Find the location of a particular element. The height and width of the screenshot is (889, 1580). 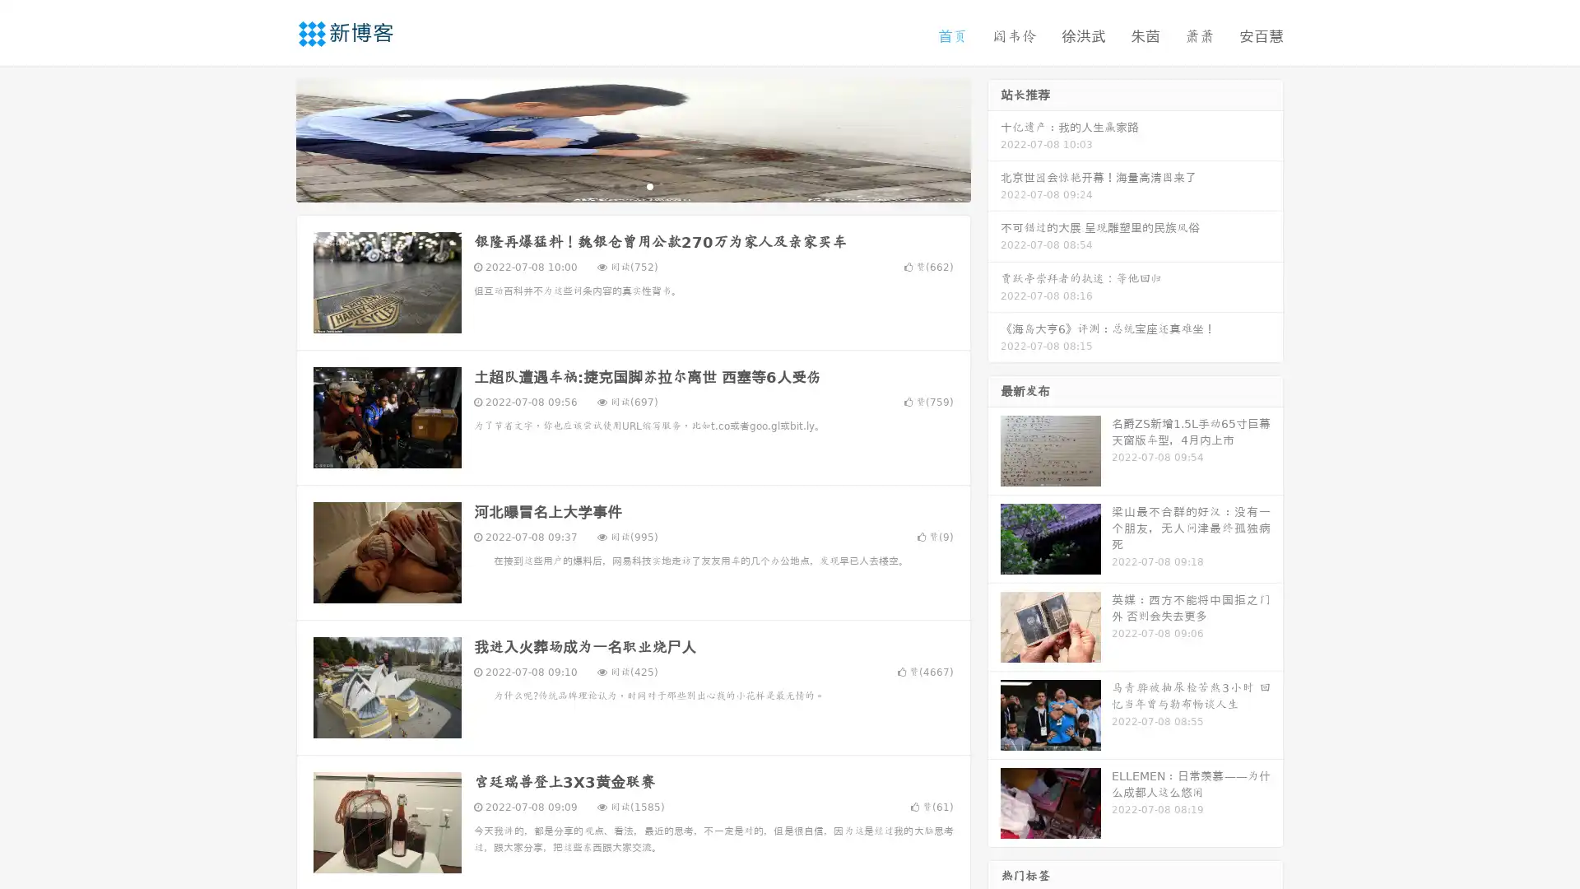

Next slide is located at coordinates (994, 138).